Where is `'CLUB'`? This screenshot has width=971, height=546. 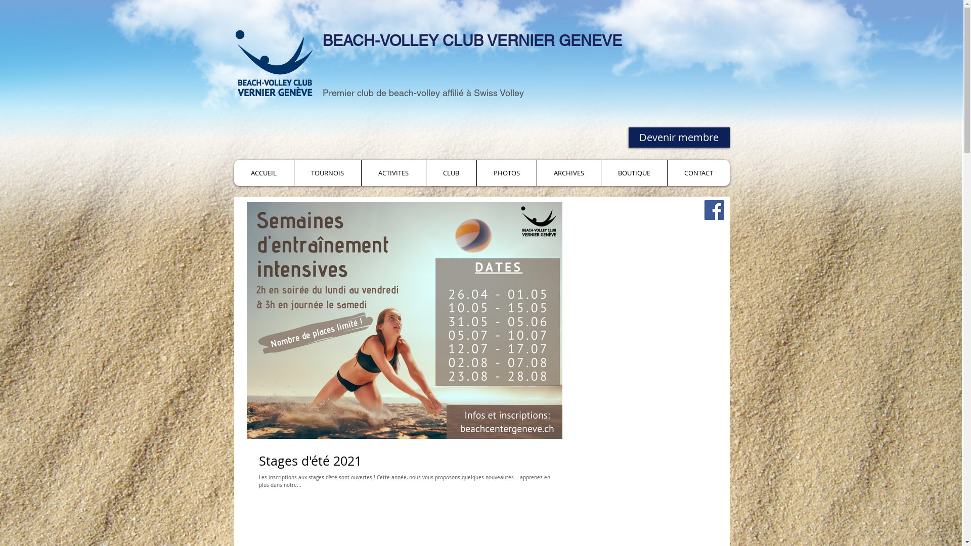 'CLUB' is located at coordinates (451, 172).